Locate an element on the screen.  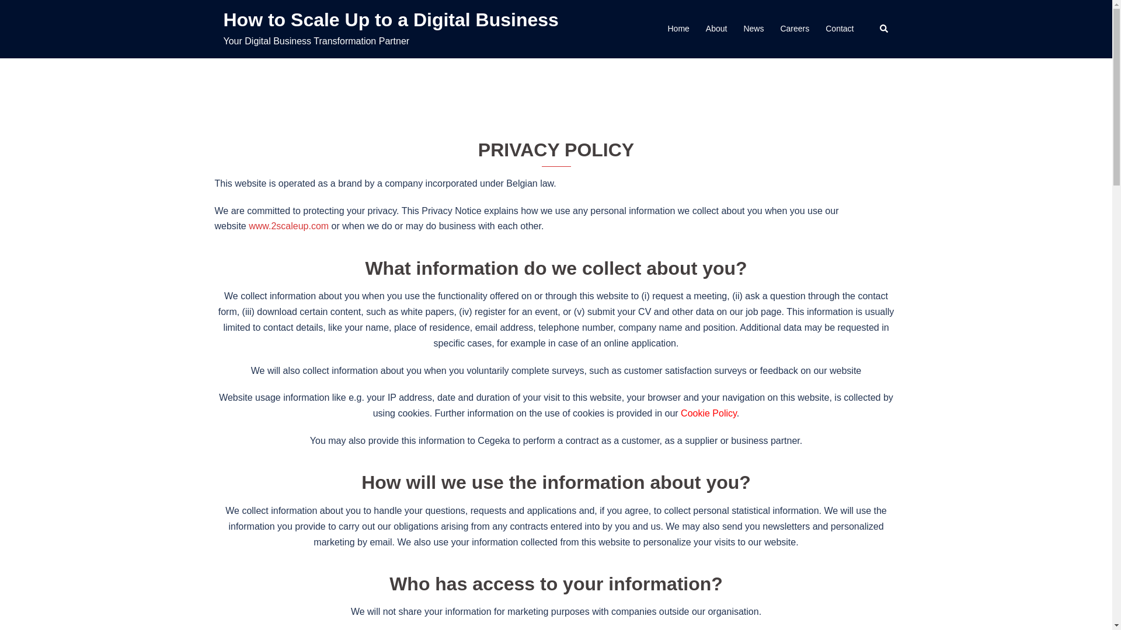
'Home' is located at coordinates (667, 29).